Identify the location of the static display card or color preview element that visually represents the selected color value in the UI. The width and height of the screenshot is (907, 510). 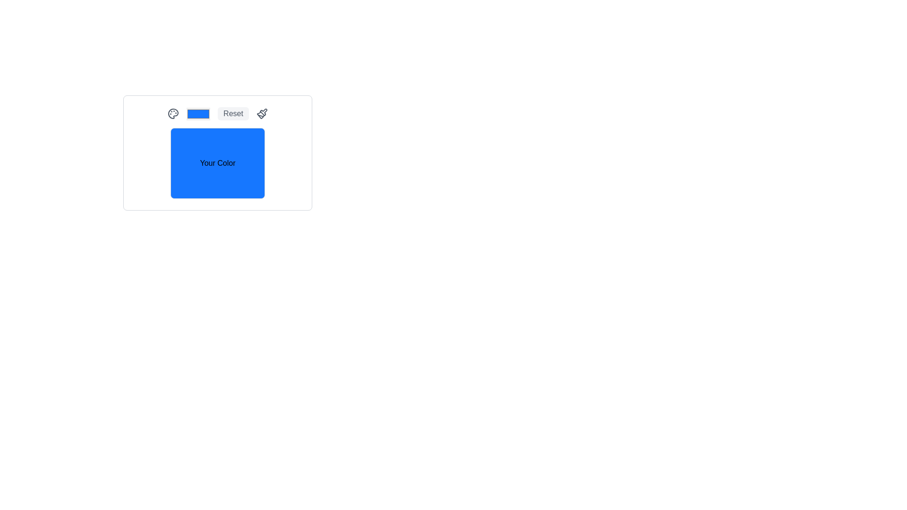
(217, 153).